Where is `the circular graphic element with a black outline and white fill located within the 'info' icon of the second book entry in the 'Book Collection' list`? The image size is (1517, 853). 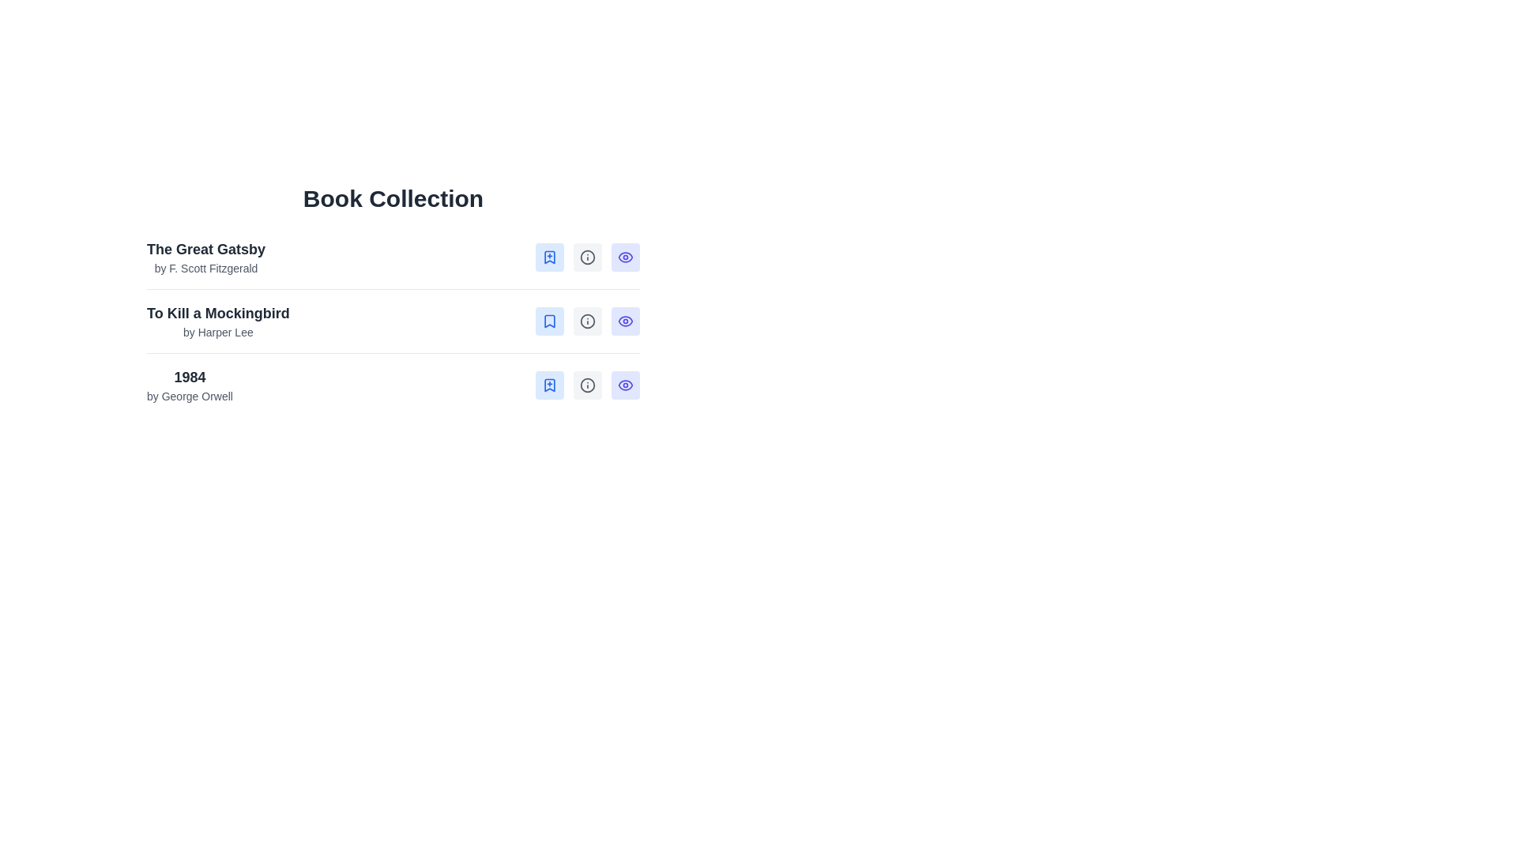
the circular graphic element with a black outline and white fill located within the 'info' icon of the second book entry in the 'Book Collection' list is located at coordinates (587, 321).